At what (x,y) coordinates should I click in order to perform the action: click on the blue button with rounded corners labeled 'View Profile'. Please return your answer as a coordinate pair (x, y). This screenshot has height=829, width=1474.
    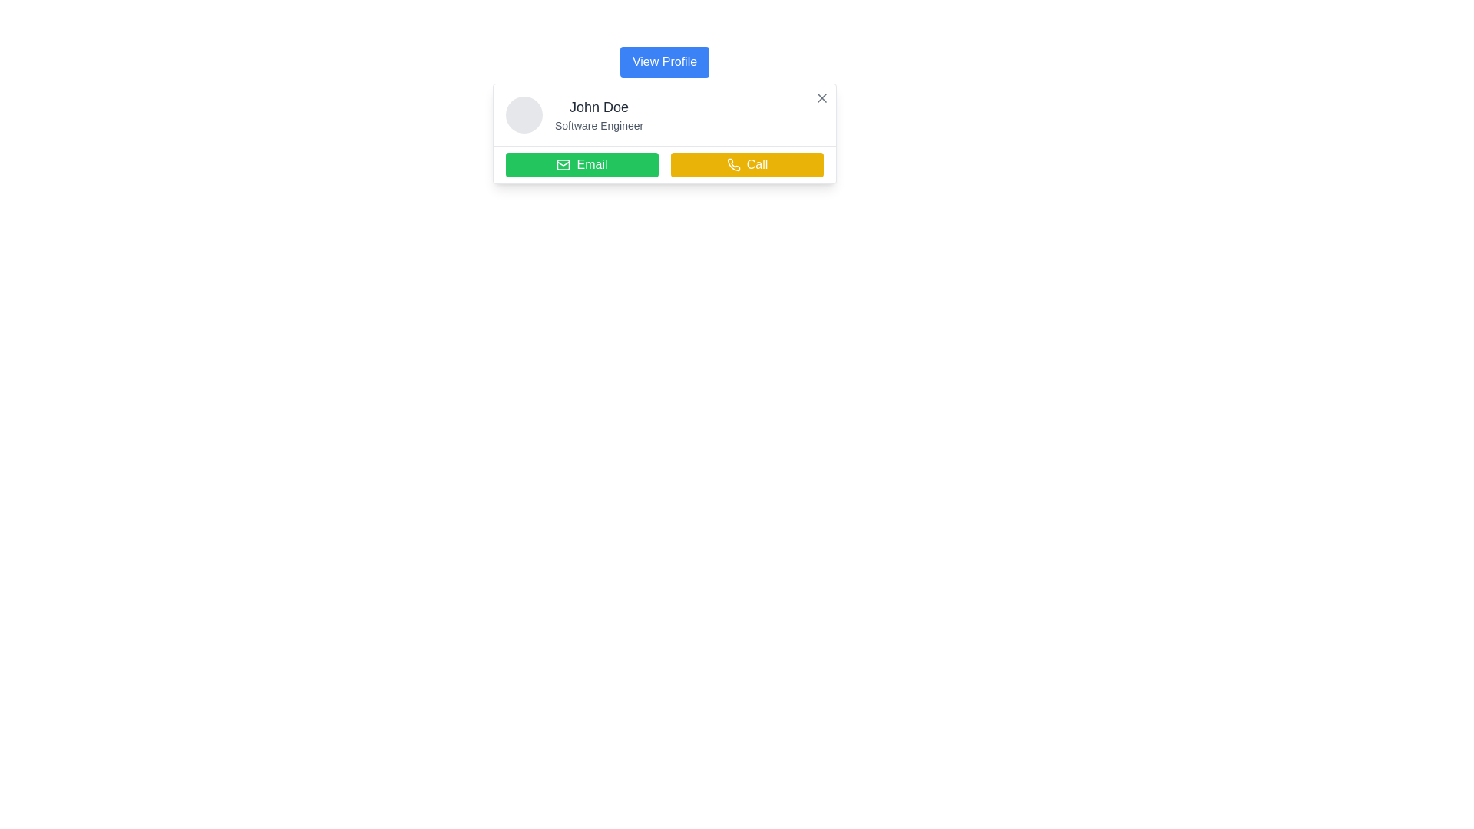
    Looking at the image, I should click on (664, 61).